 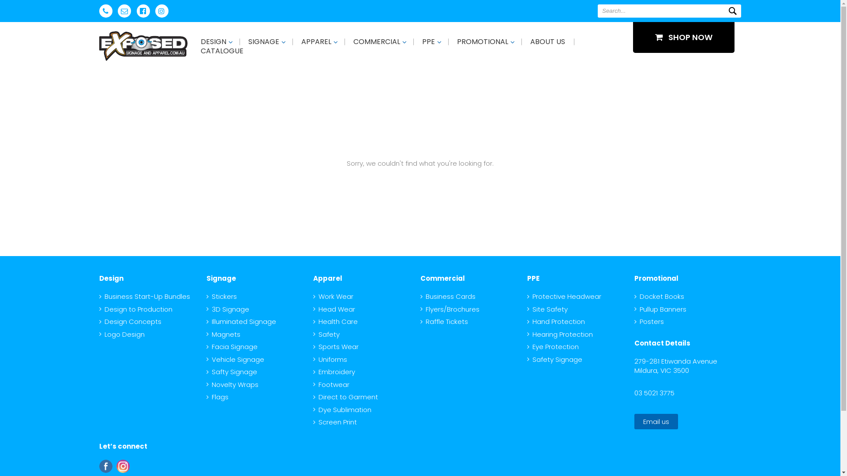 I want to click on 'Email us', so click(x=656, y=421).